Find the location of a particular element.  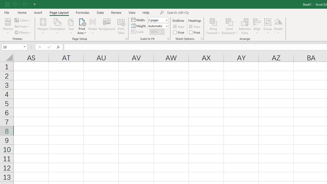

'Align' is located at coordinates (257, 26).